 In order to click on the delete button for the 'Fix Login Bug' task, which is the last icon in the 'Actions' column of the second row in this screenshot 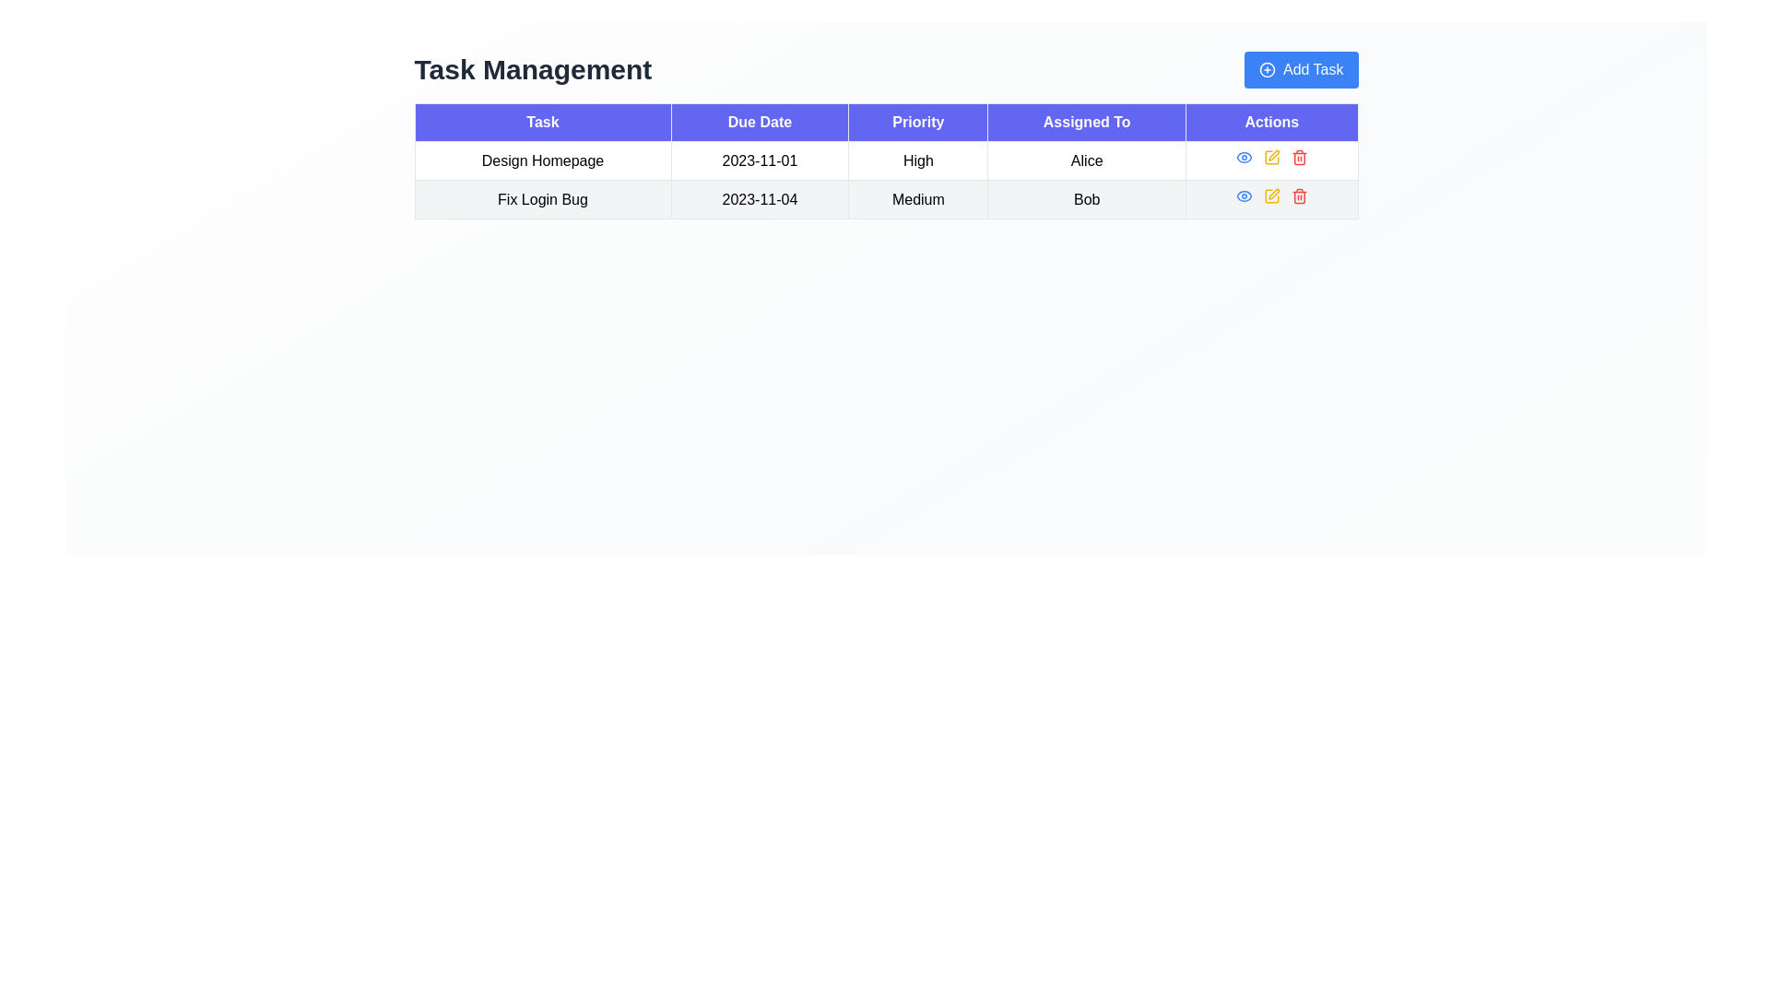, I will do `click(1298, 196)`.